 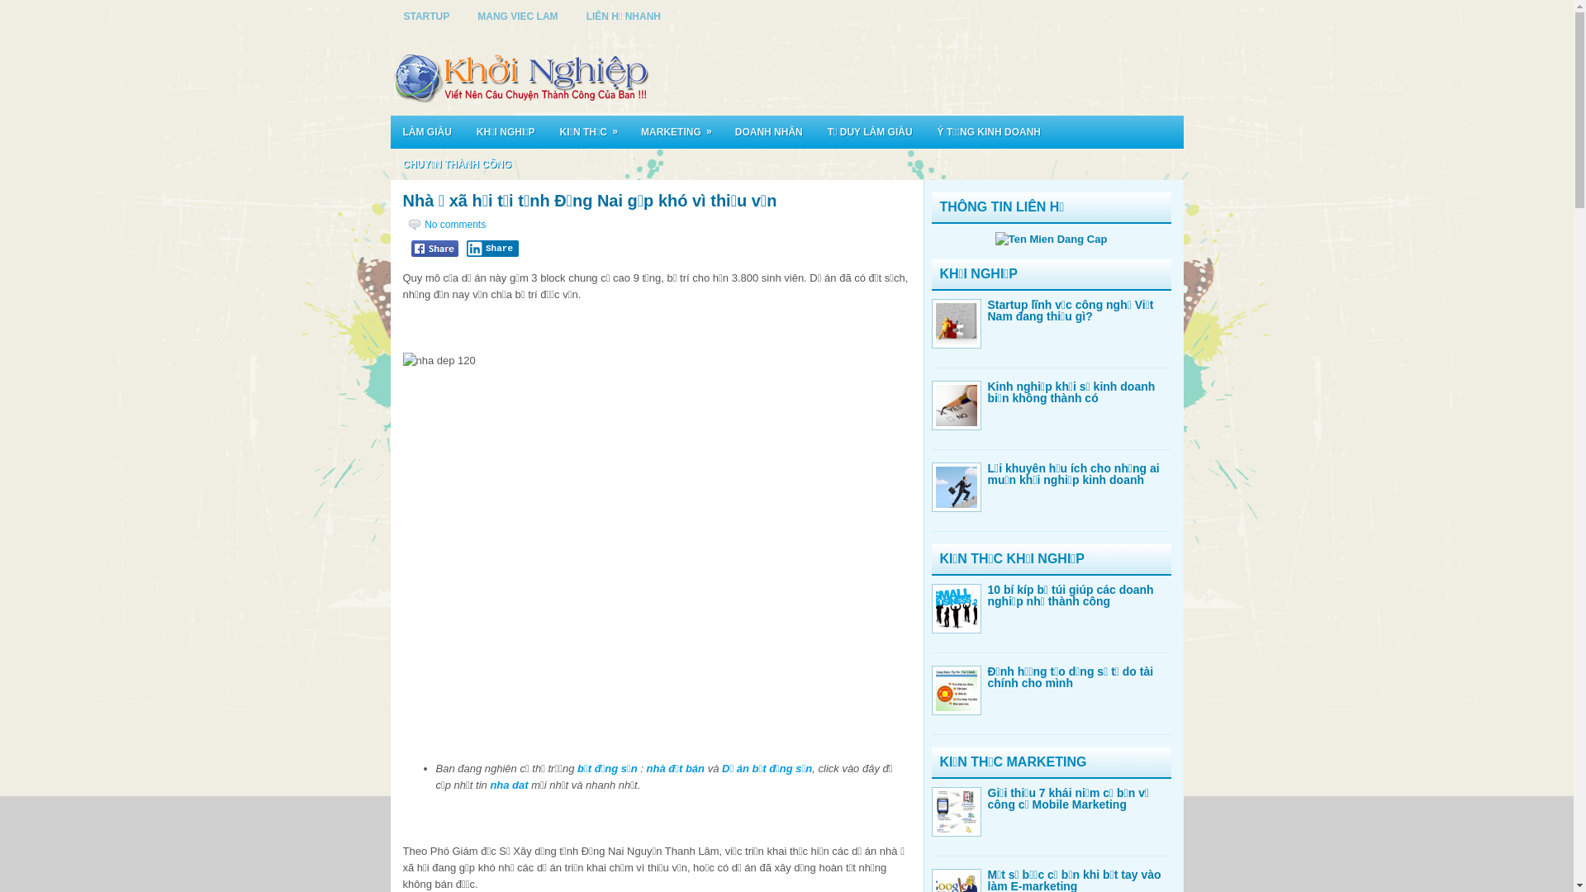 I want to click on 'Share', so click(x=491, y=248).